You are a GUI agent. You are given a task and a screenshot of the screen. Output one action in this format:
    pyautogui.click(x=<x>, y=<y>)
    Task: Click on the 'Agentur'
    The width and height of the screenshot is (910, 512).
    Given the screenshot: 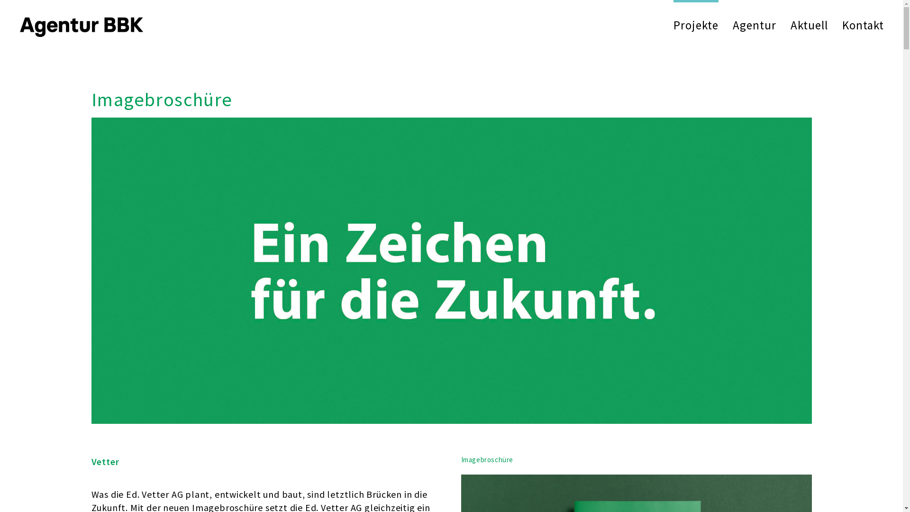 What is the action you would take?
    pyautogui.click(x=754, y=25)
    